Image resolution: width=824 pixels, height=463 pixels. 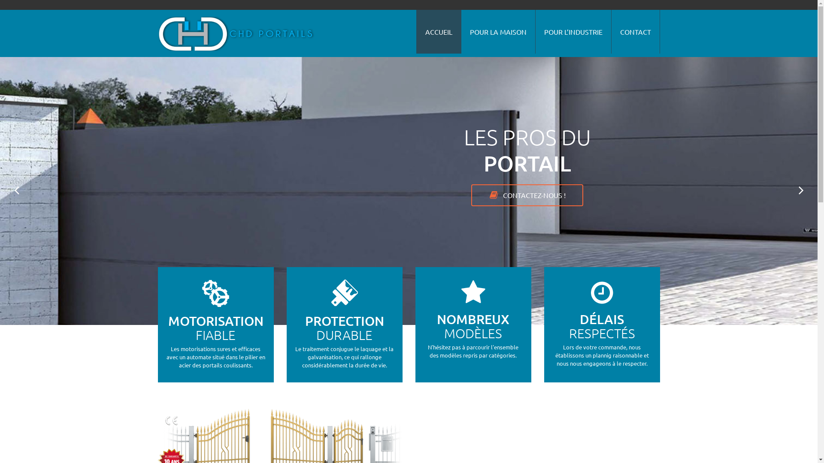 I want to click on 'CONTACT', so click(x=635, y=31).